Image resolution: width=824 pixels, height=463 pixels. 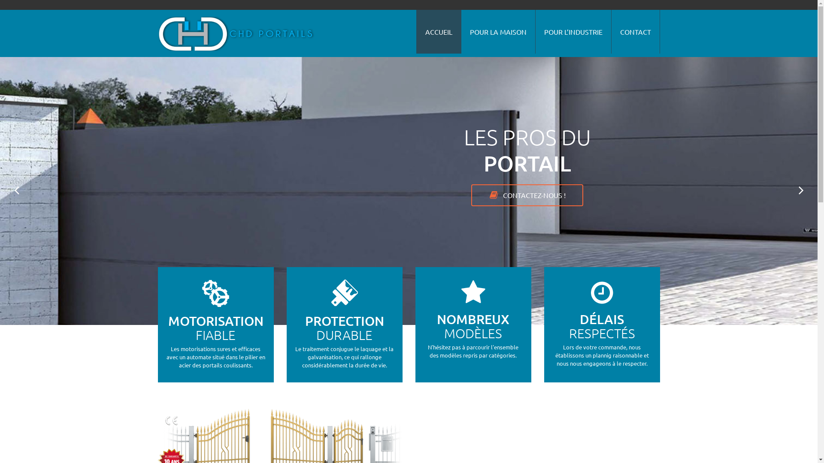 I want to click on 'CONTACT', so click(x=635, y=31).